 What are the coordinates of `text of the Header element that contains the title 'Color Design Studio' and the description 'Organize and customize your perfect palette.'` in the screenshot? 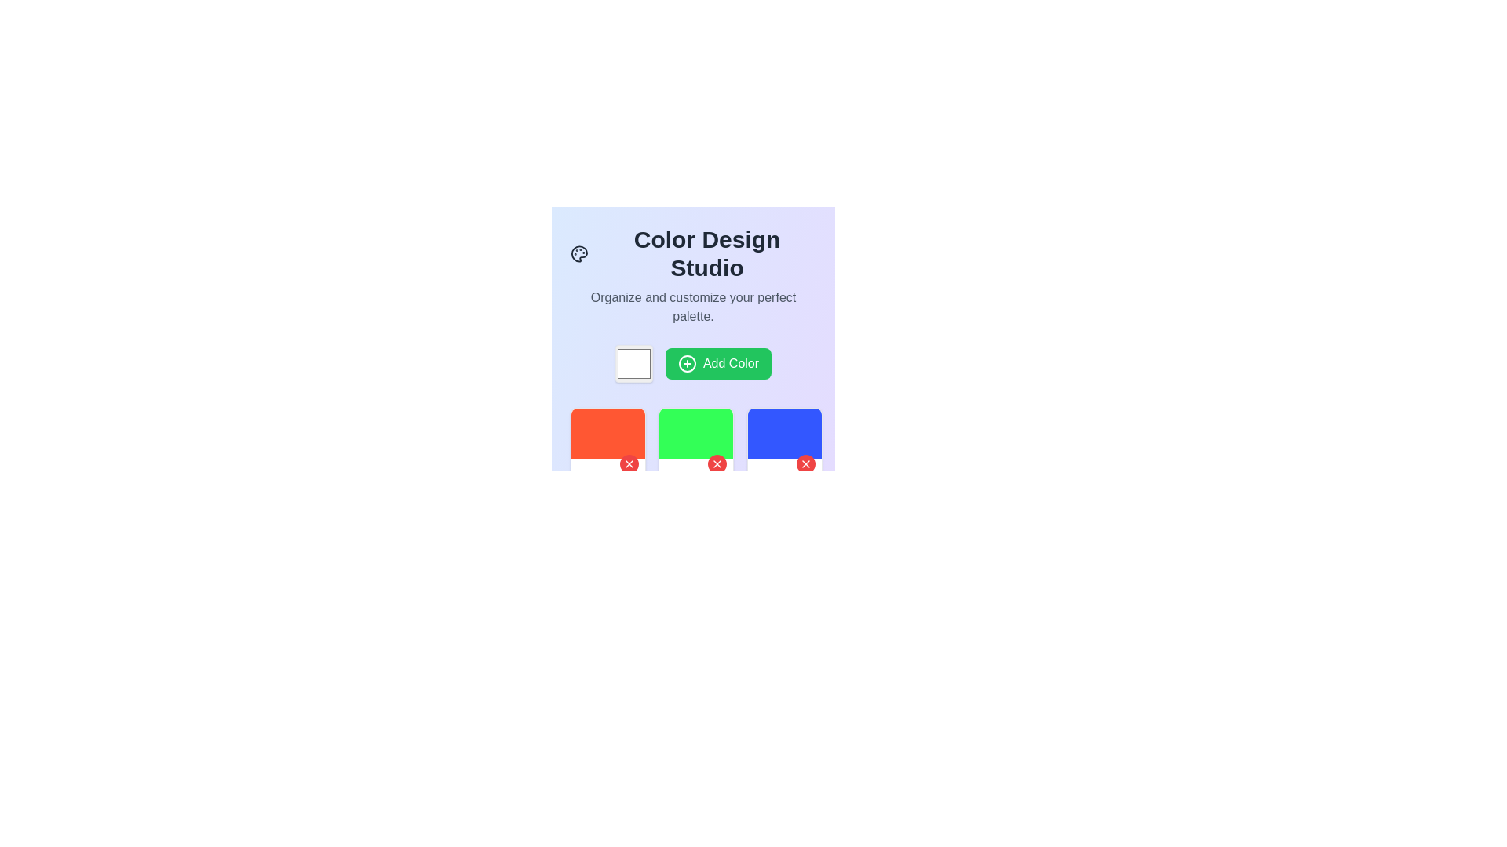 It's located at (692, 274).